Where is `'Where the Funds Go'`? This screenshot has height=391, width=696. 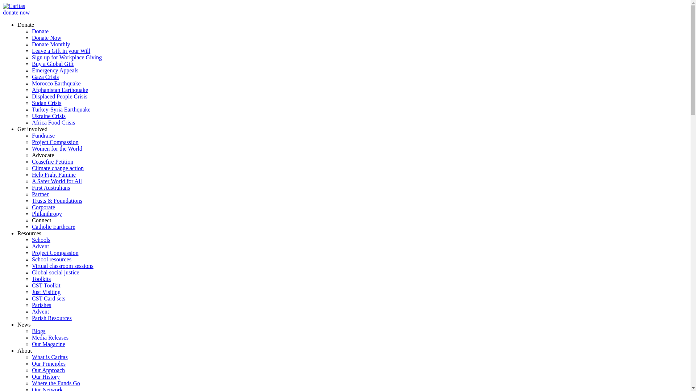
'Where the Funds Go' is located at coordinates (55, 383).